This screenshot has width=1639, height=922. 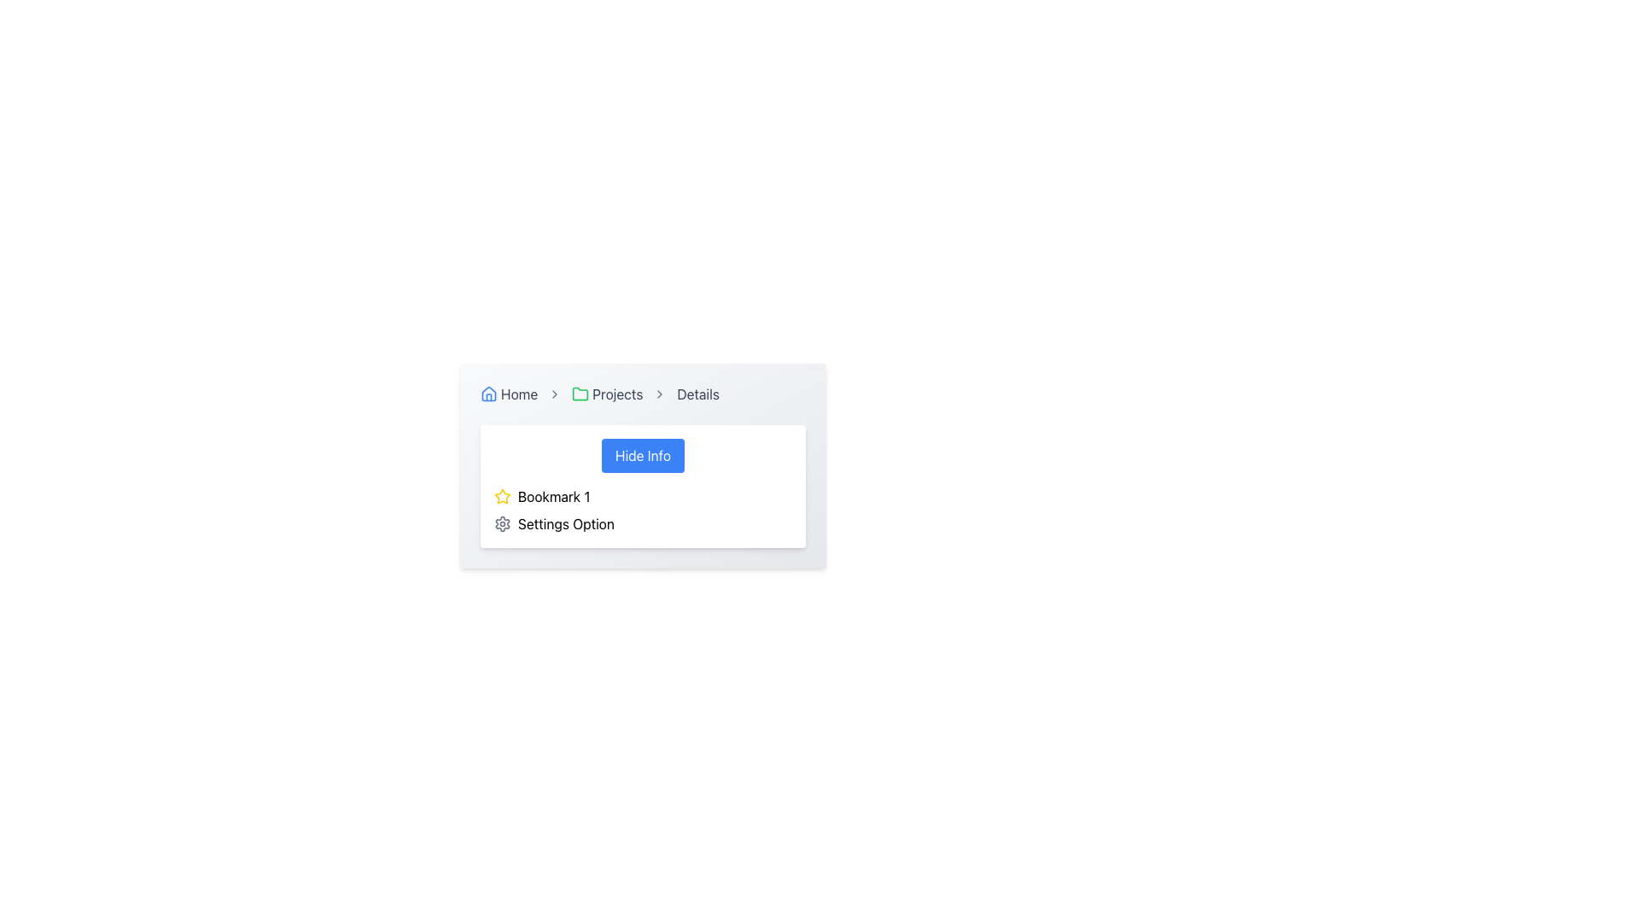 What do you see at coordinates (487, 394) in the screenshot?
I see `the navigational icon that serves as a link or indicator for the Home section, located to the left of the text 'Home'` at bounding box center [487, 394].